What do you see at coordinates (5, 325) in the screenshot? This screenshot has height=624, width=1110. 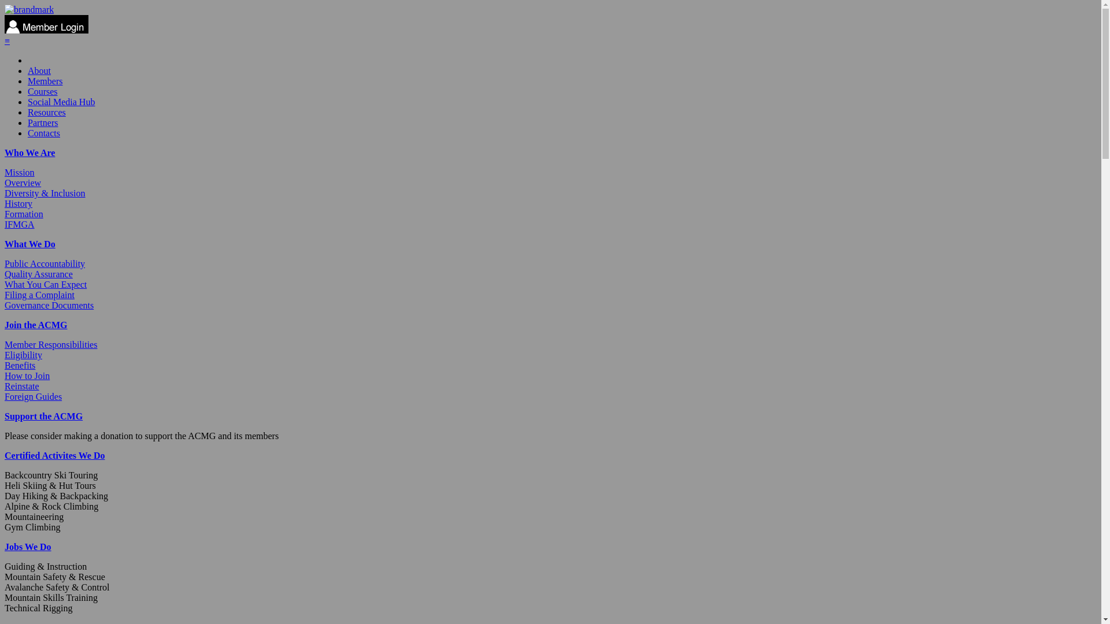 I see `'Join the ACMG'` at bounding box center [5, 325].